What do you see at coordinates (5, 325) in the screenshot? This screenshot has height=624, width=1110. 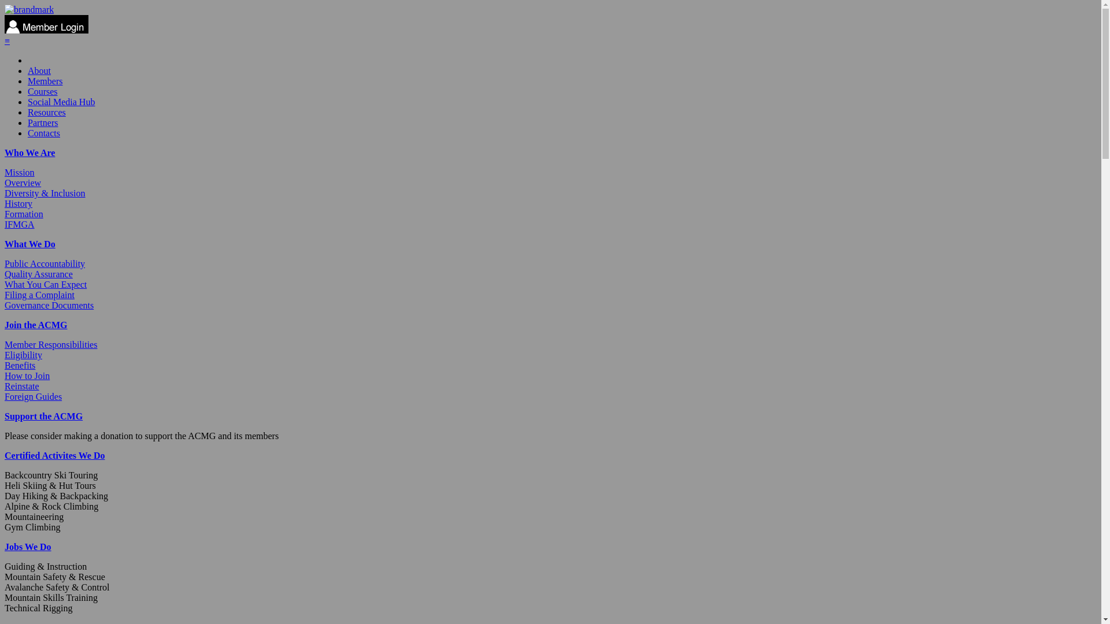 I see `'Join the ACMG'` at bounding box center [5, 325].